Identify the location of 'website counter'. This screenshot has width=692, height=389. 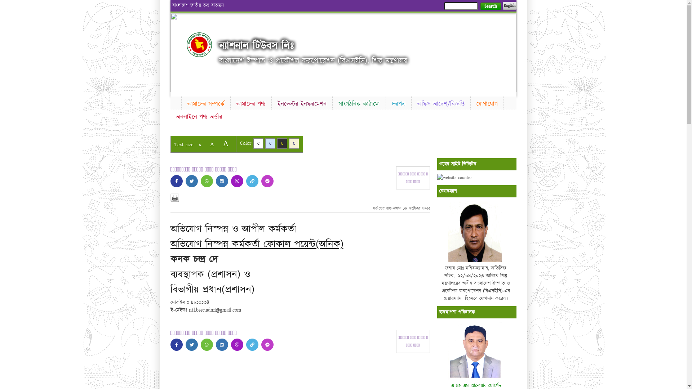
(454, 178).